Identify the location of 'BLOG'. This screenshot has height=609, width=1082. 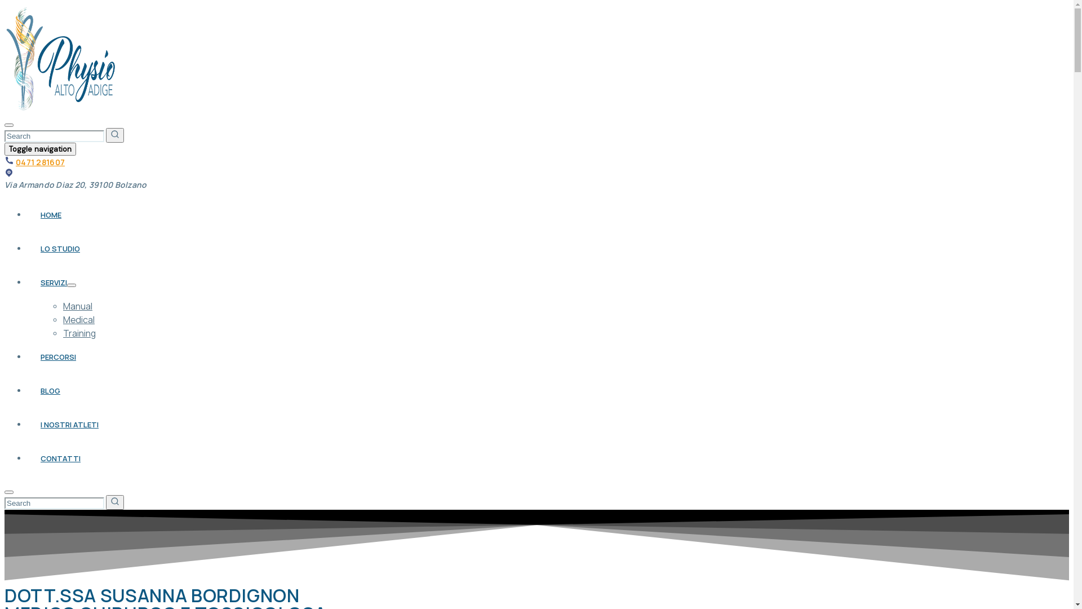
(50, 390).